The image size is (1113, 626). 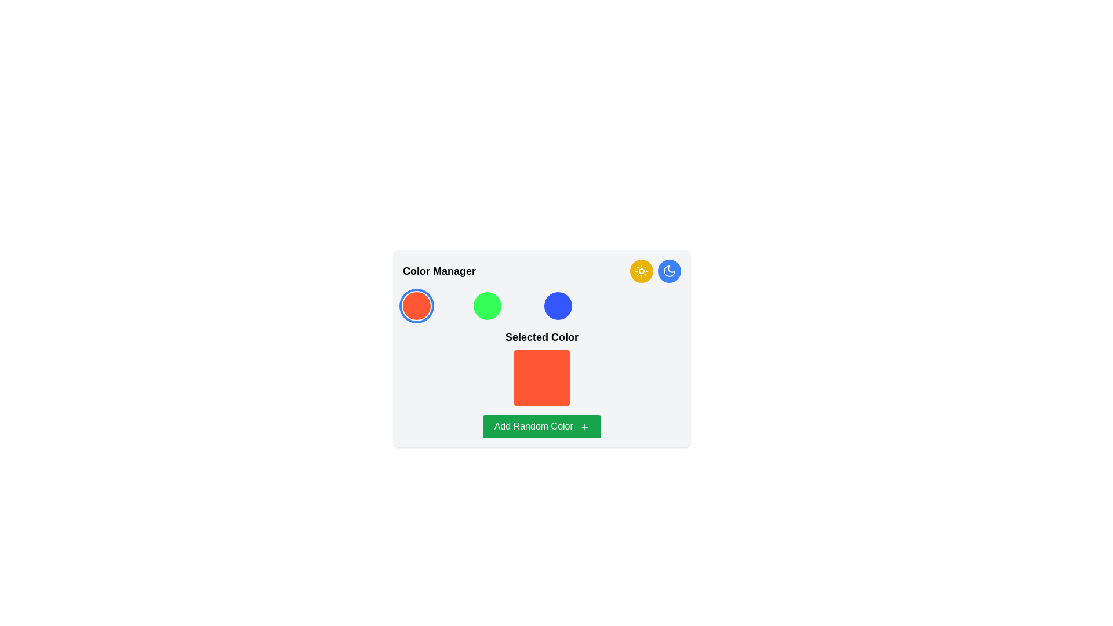 I want to click on the icon that visually represents the functionality, so click(x=585, y=427).